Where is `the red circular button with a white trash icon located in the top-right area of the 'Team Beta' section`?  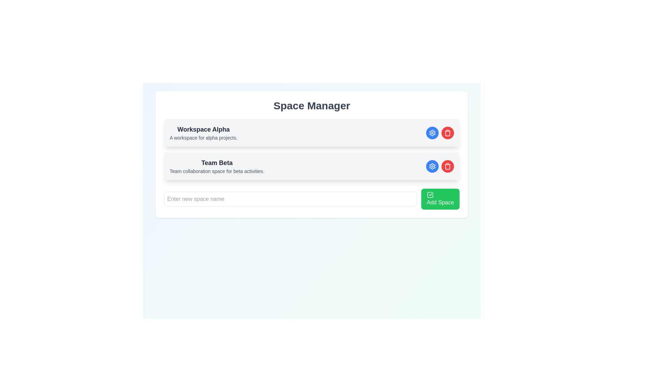 the red circular button with a white trash icon located in the top-right area of the 'Team Beta' section is located at coordinates (439, 166).